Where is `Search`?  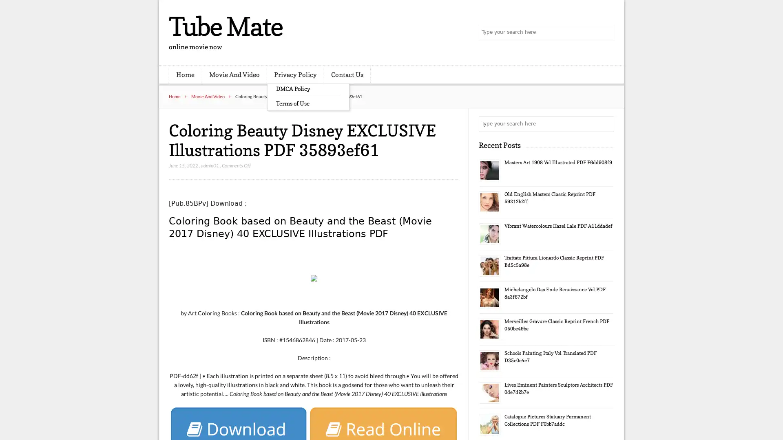
Search is located at coordinates (606, 124).